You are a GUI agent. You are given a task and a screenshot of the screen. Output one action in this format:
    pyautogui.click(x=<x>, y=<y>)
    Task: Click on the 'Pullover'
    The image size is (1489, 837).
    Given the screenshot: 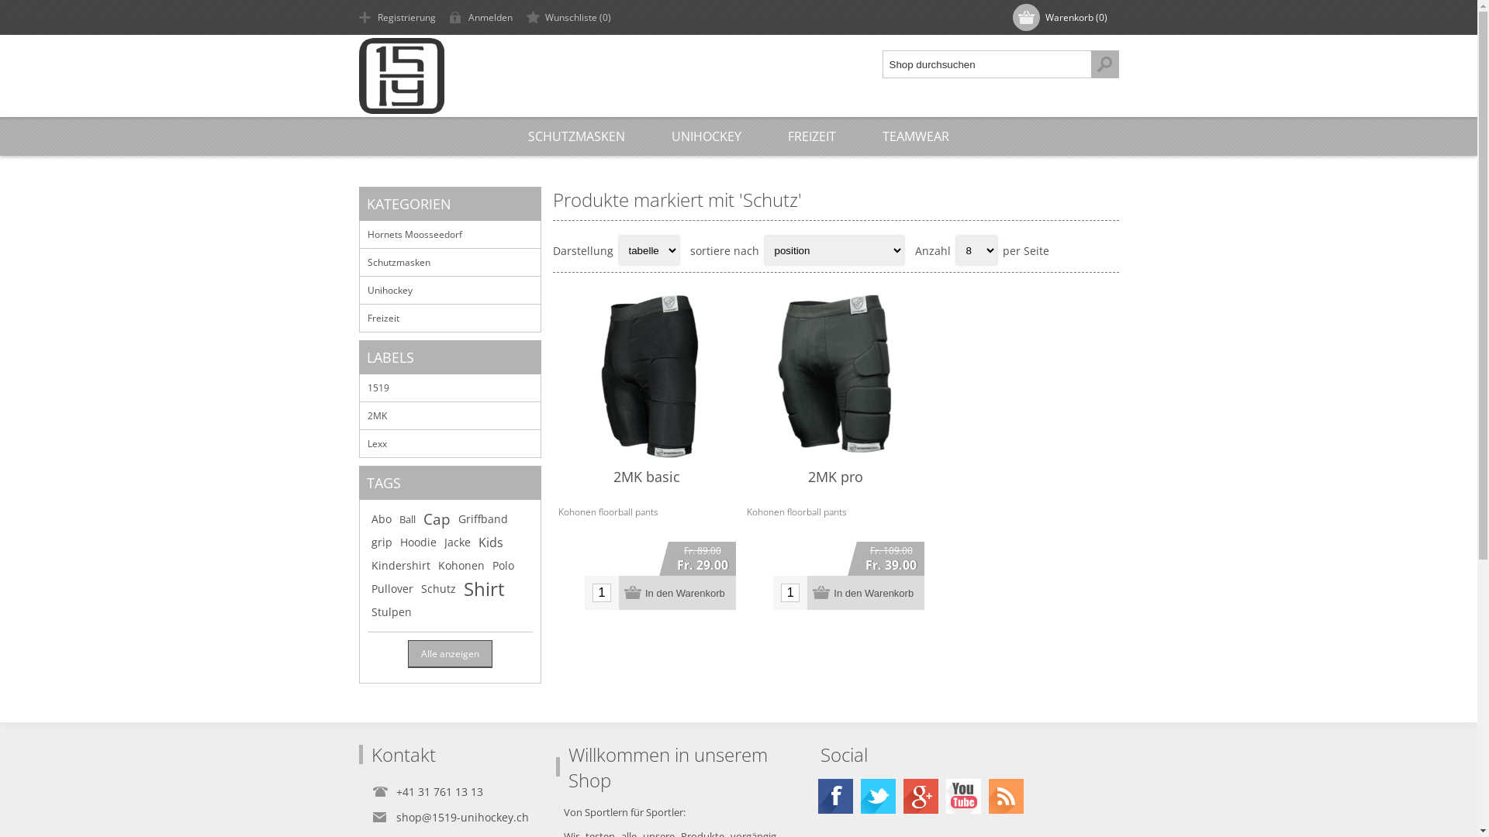 What is the action you would take?
    pyautogui.click(x=370, y=588)
    